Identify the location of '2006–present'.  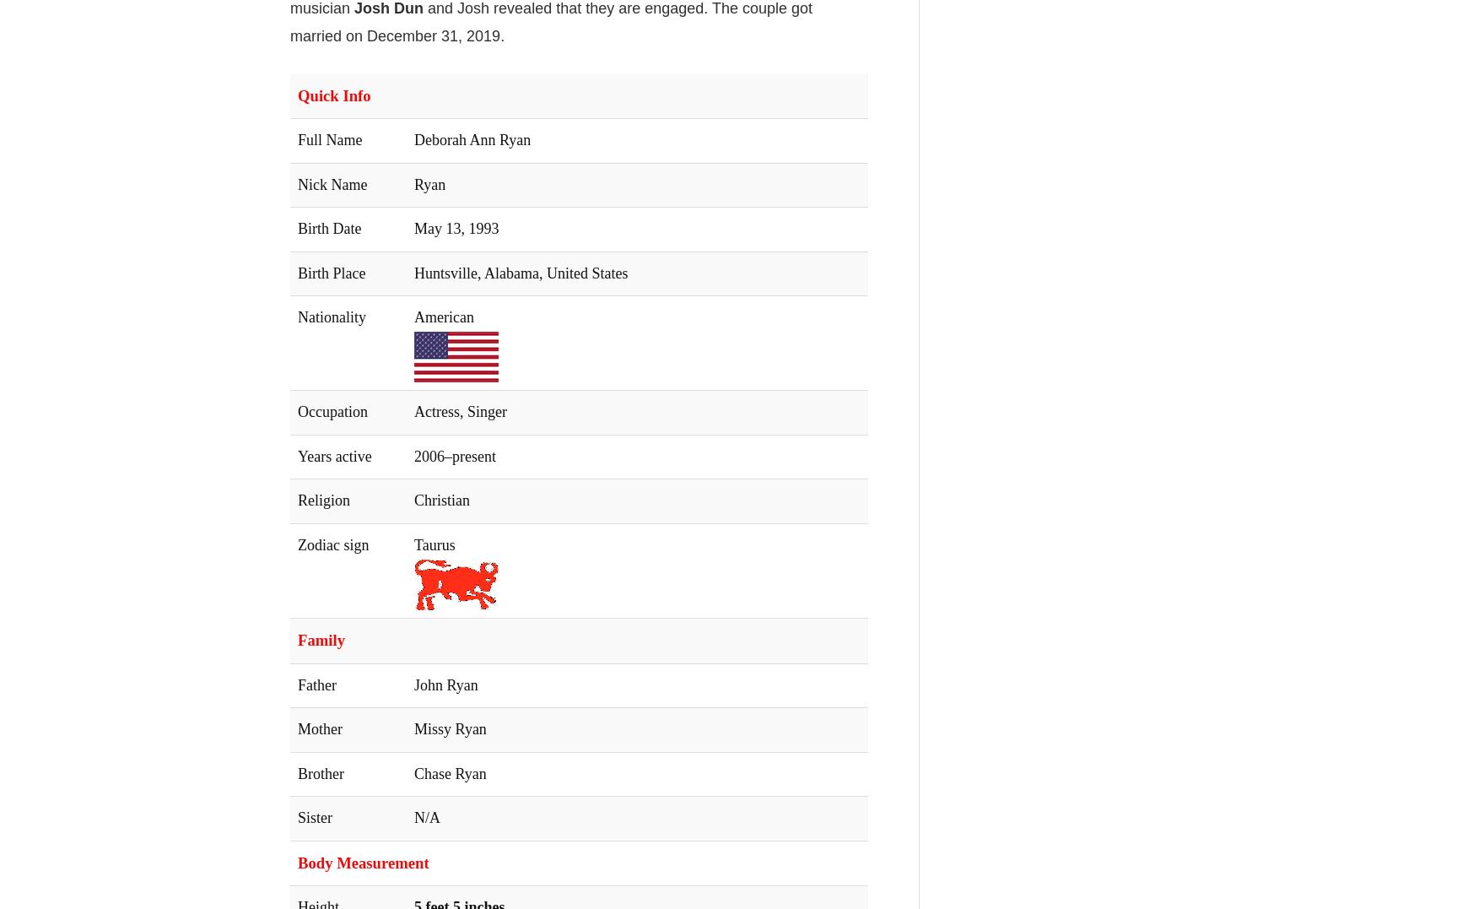
(455, 456).